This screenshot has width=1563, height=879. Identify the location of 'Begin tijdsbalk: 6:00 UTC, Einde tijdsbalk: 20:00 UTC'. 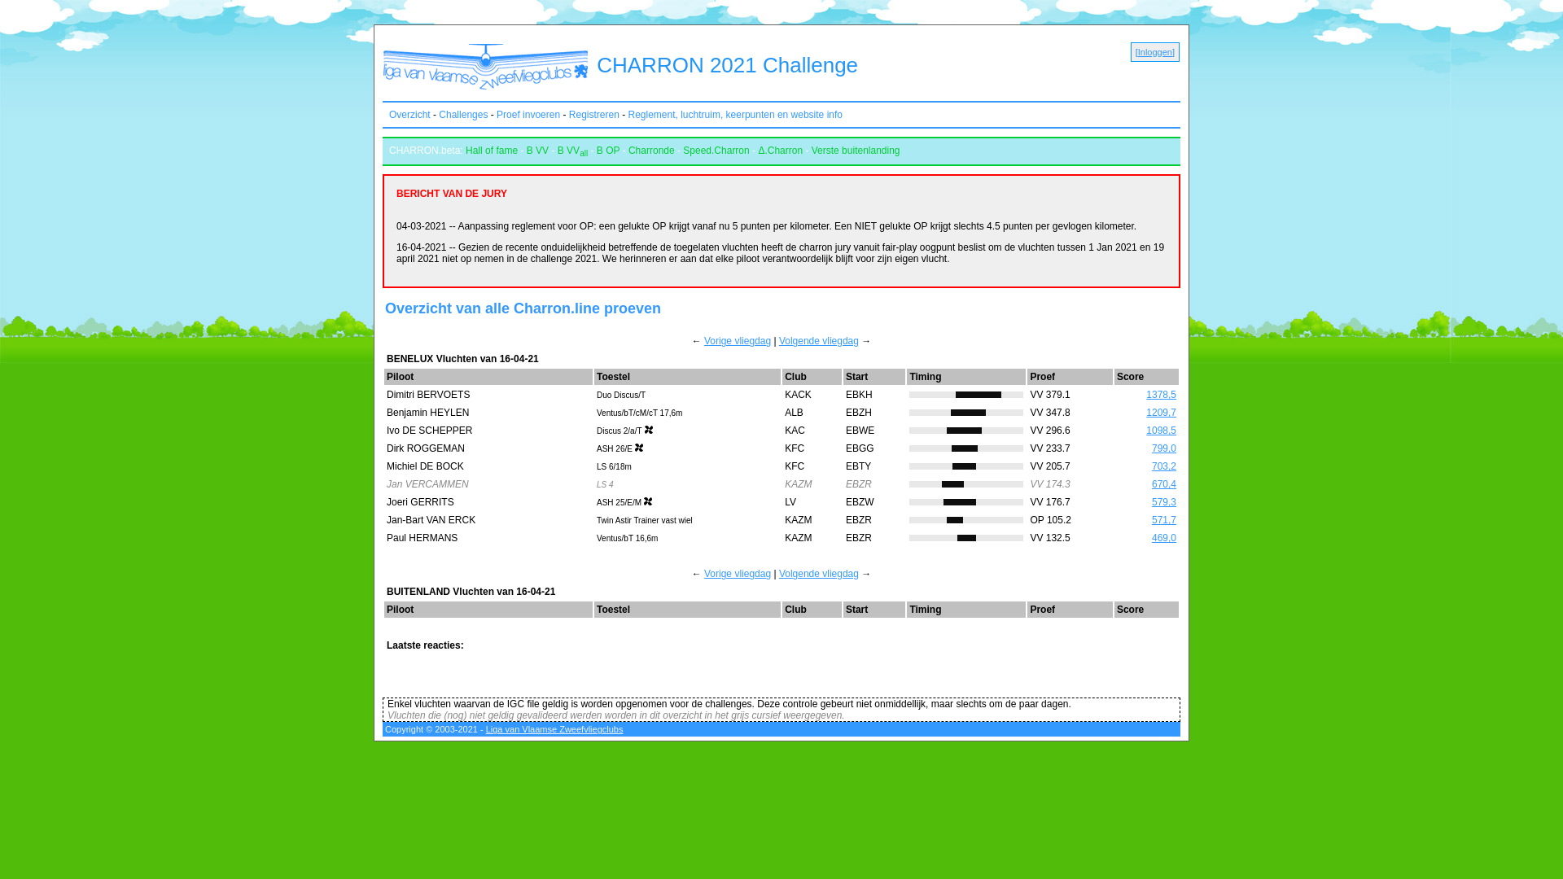
(965, 537).